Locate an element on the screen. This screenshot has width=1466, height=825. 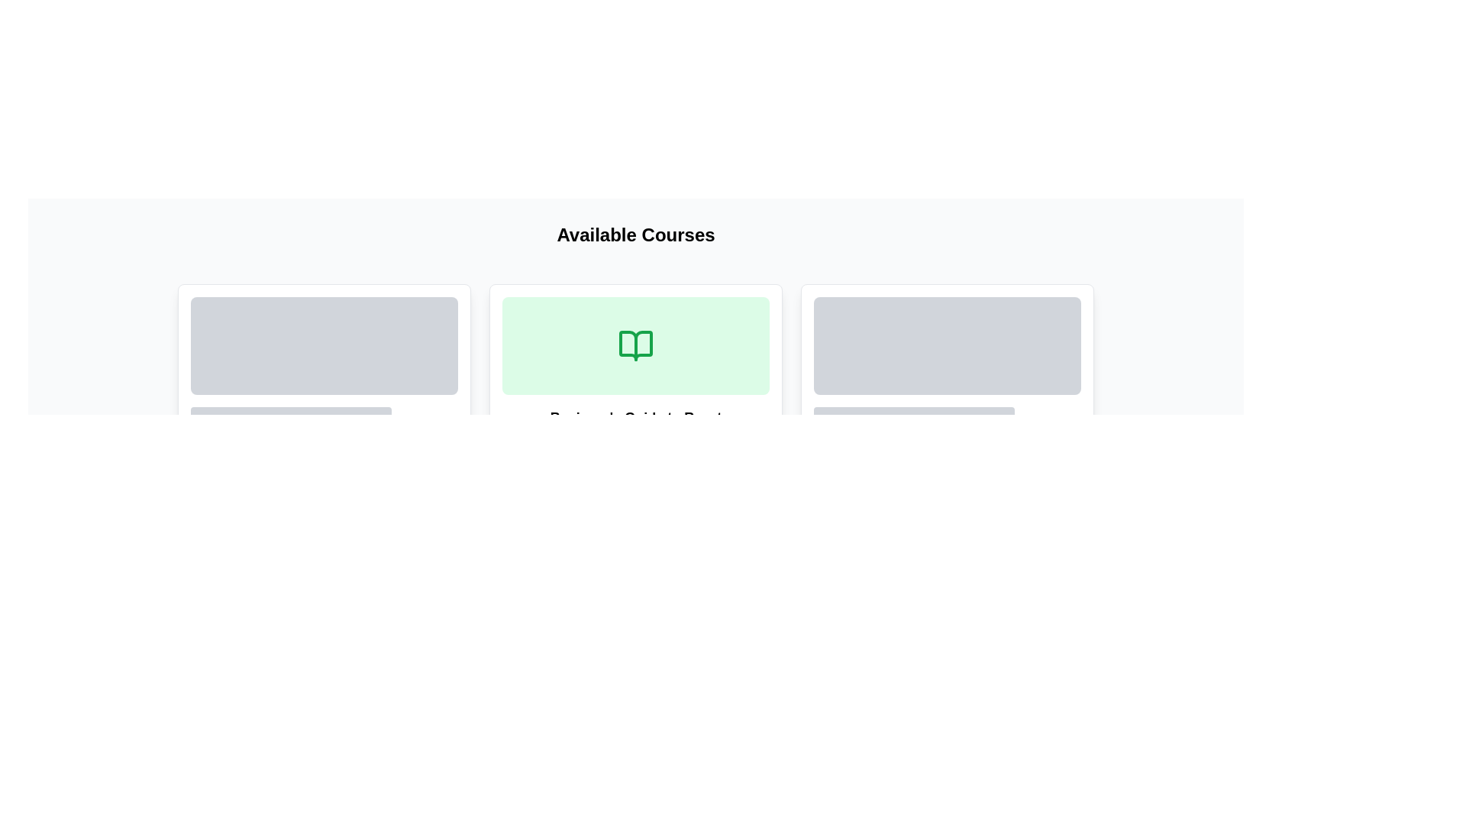
the graphical placeholder bar that serves as a decorative divider, positioned below a larger gray rectangular component is located at coordinates (914, 415).